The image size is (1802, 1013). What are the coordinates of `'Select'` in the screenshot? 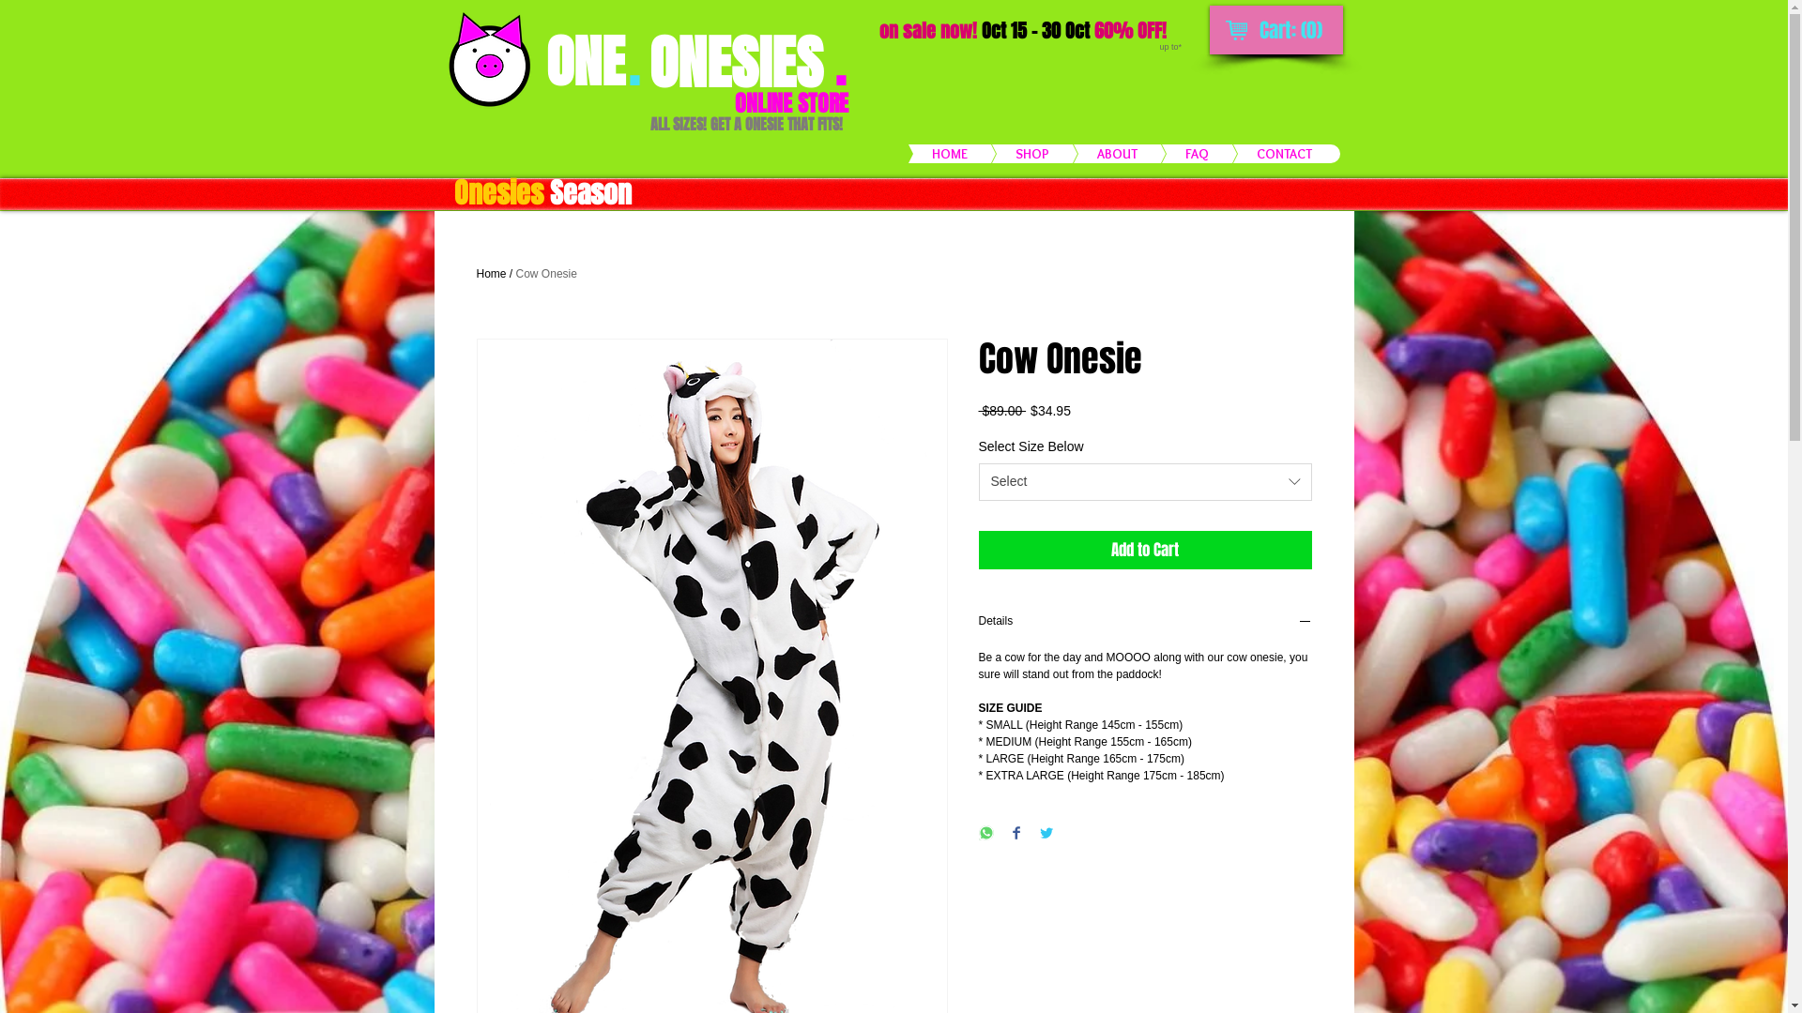 It's located at (1143, 480).